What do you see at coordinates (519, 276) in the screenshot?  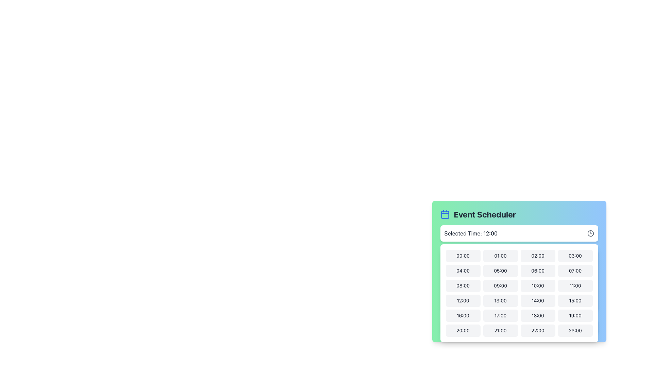 I see `the button that allows the user to select the hour '06:00' in the event scheduler feature, located in the third column of the second row within the time selection grid of the 'Event Scheduler' widget` at bounding box center [519, 276].